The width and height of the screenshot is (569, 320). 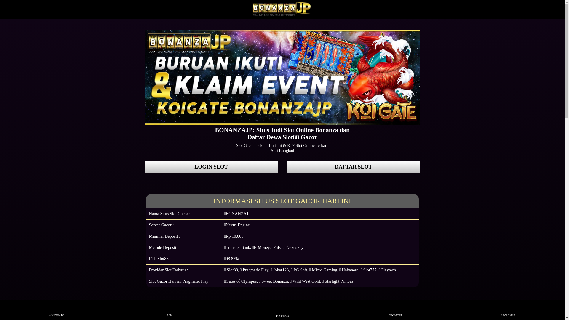 I want to click on 'DAFTAR', so click(x=280, y=308).